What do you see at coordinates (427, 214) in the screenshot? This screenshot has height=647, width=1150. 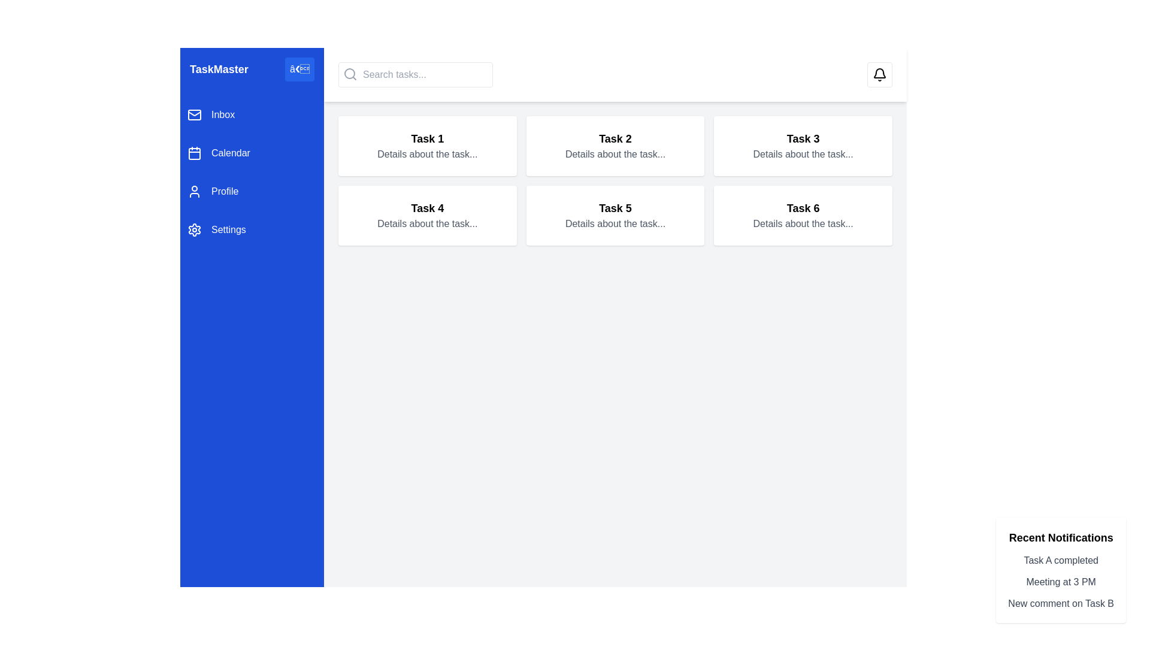 I see `the task item card titled 'Task 4', which is the fourth card in a grid layout, located in the second row, first column` at bounding box center [427, 214].